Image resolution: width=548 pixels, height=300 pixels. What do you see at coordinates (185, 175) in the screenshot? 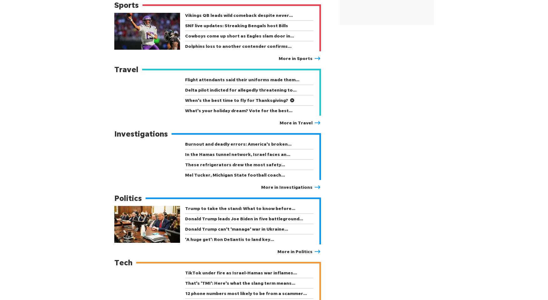
I see `'Mel Tucker, Michigan State football coach…'` at bounding box center [185, 175].